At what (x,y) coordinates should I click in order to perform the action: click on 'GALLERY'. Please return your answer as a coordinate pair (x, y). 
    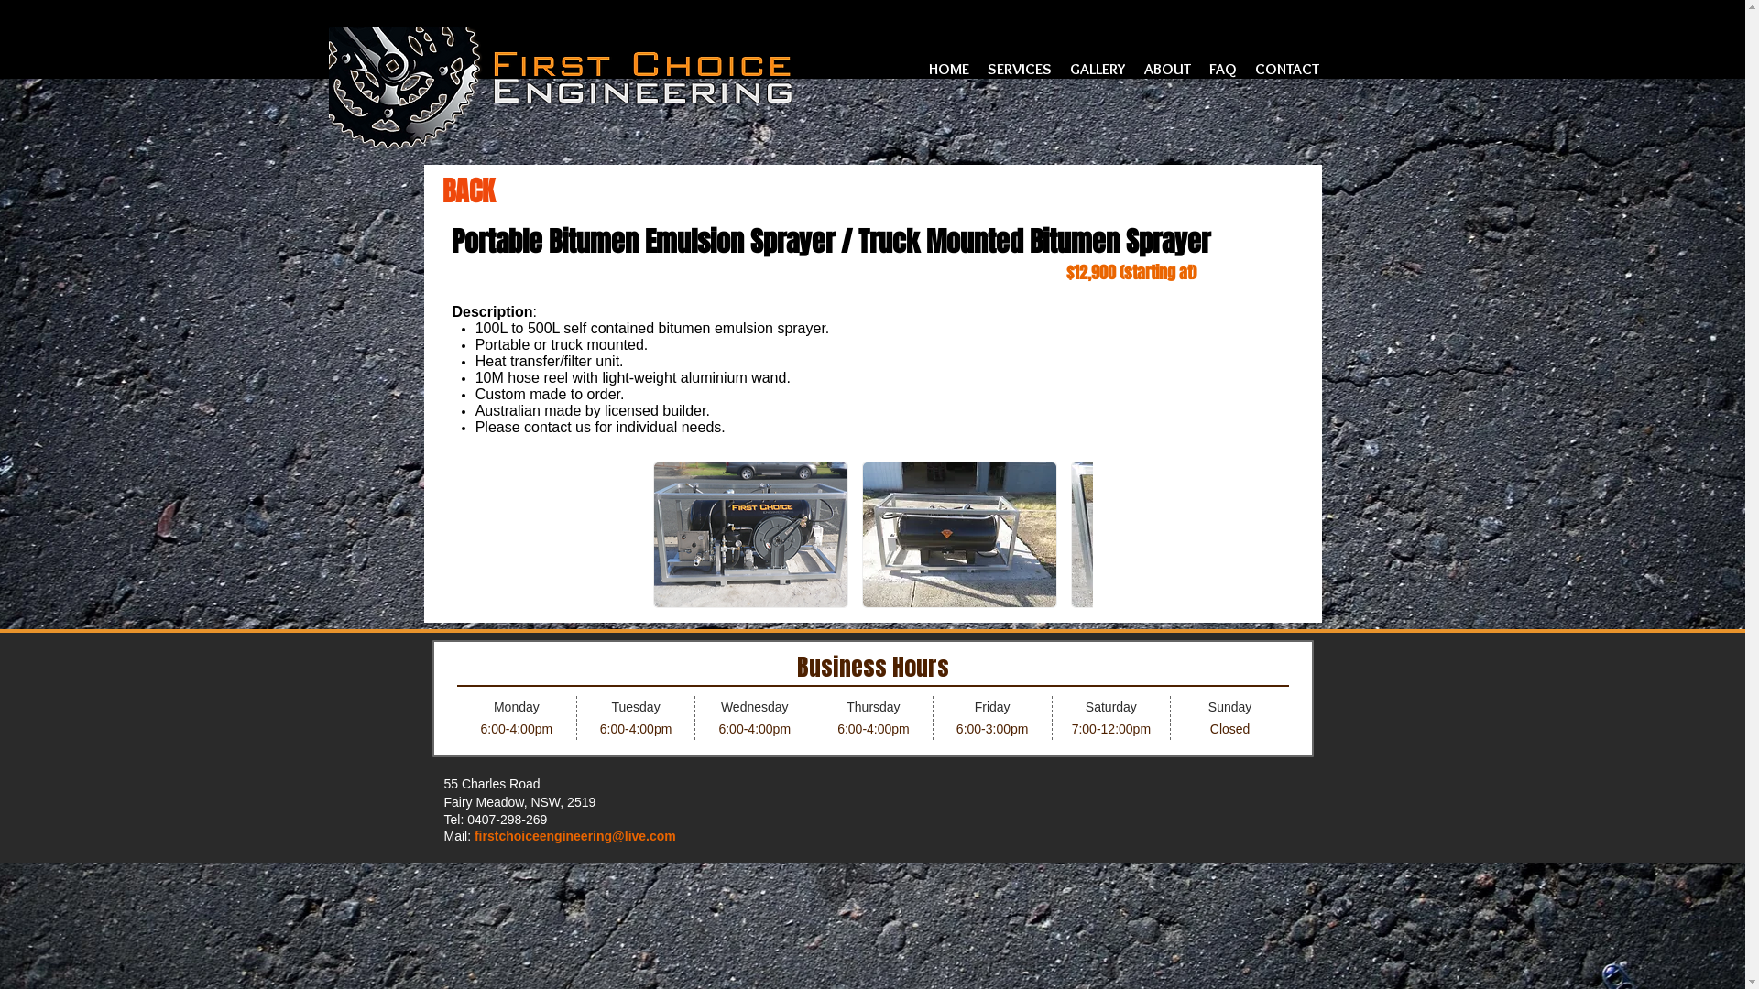
    Looking at the image, I should click on (1098, 67).